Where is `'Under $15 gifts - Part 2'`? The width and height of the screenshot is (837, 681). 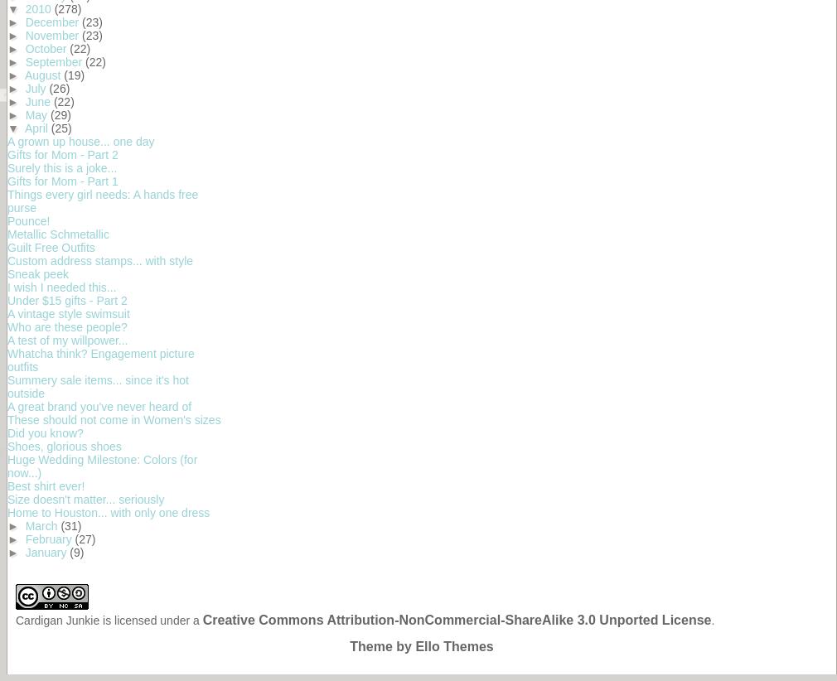
'Under $15 gifts - Part 2' is located at coordinates (66, 299).